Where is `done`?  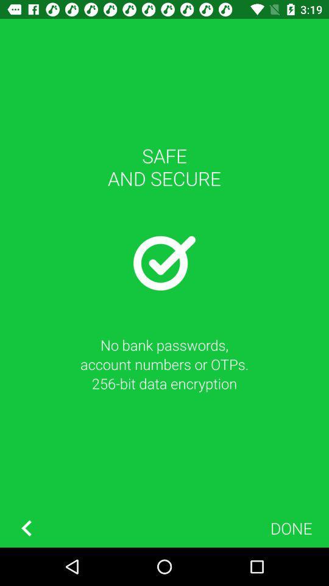
done is located at coordinates (291, 527).